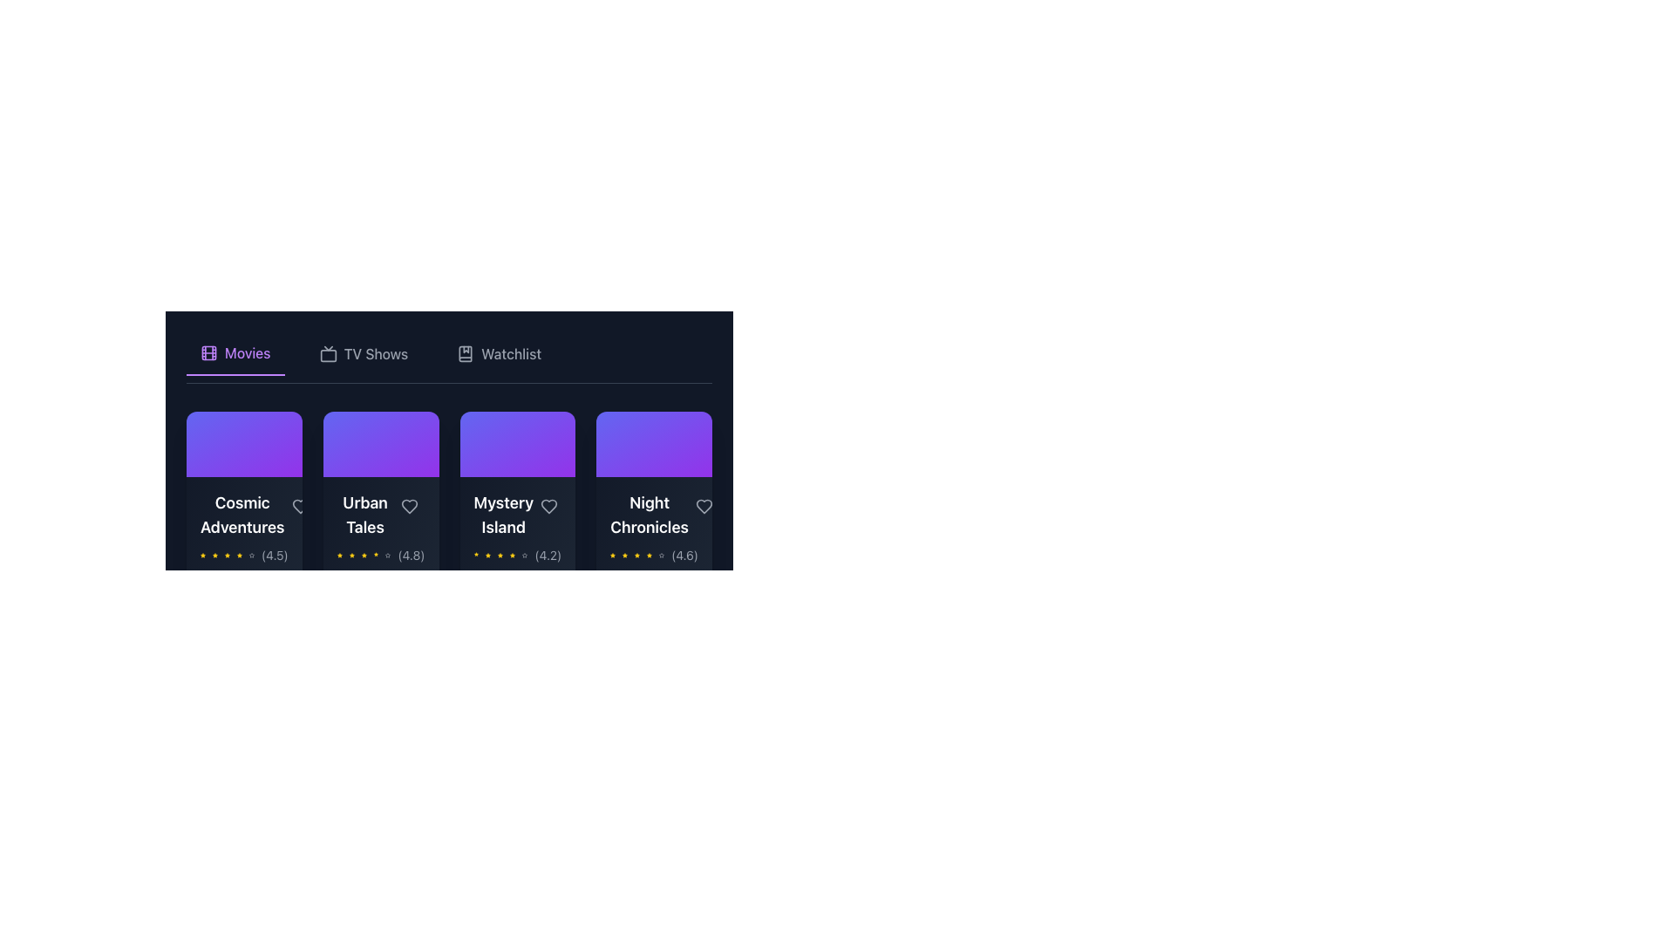 The height and width of the screenshot is (942, 1674). I want to click on the visual state of the fifth star icon in the 5-star rating system located under the 'Night Chronicles' heading, positioned to the right of four yellow stars and to the left of a gray star, so click(649, 555).